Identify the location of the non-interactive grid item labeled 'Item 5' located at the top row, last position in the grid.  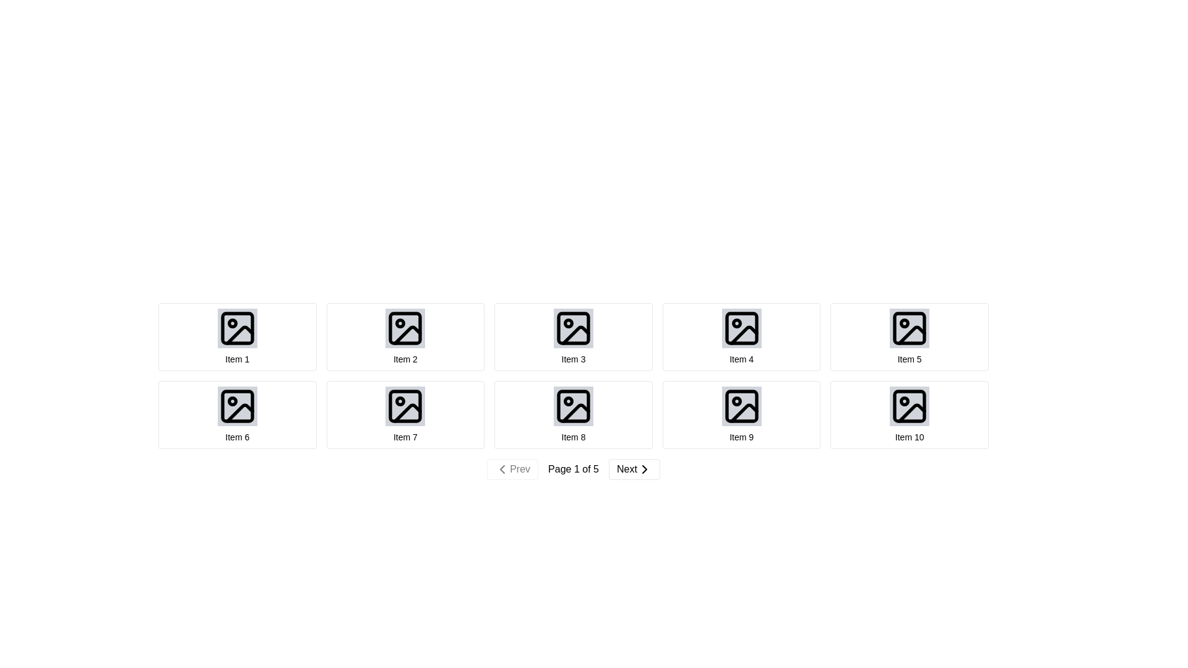
(910, 336).